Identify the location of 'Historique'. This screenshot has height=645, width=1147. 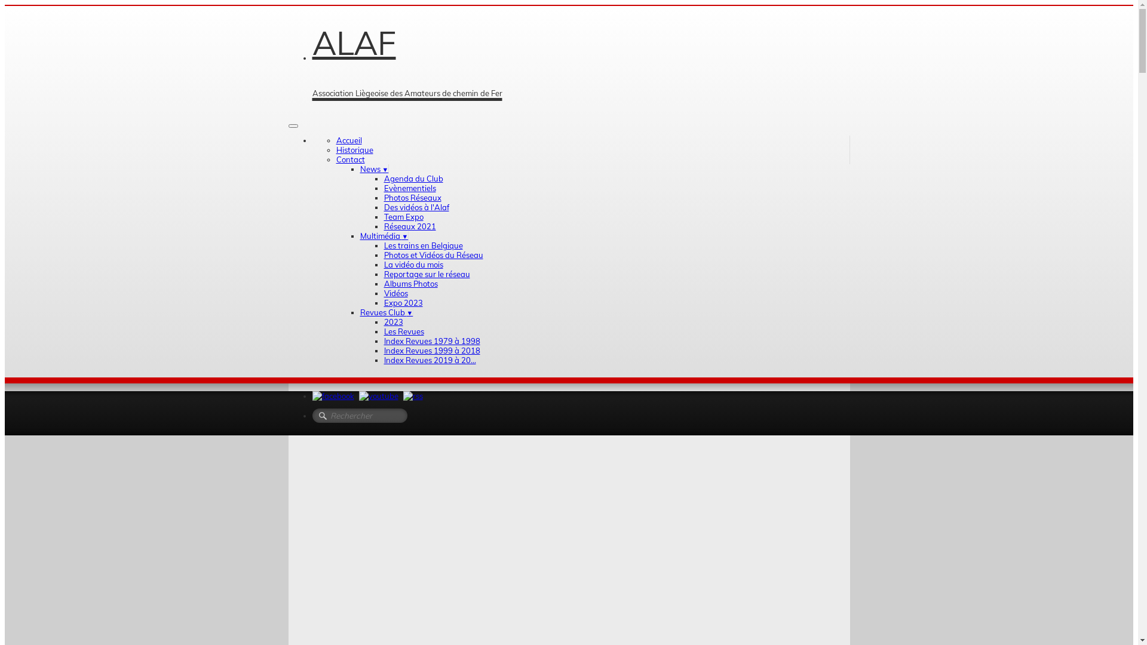
(335, 149).